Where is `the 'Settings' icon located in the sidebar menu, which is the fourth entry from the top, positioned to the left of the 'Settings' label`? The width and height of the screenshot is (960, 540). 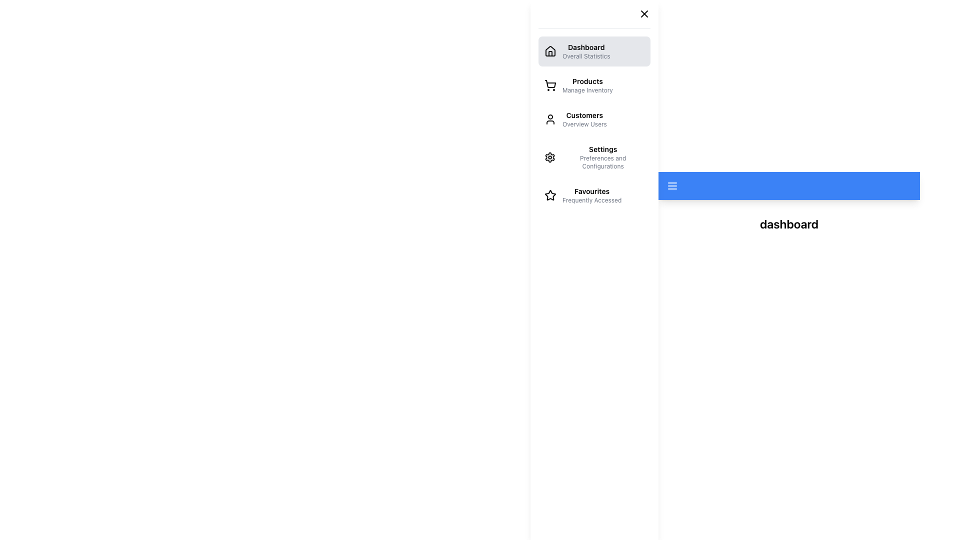
the 'Settings' icon located in the sidebar menu, which is the fourth entry from the top, positioned to the left of the 'Settings' label is located at coordinates (549, 157).